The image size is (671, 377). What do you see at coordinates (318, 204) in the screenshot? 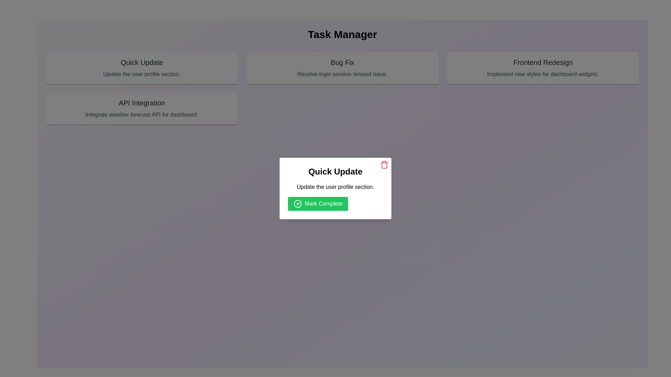
I see `the green 'Mark Complete' button with a white checkmark icon located in the 'Quick Update' modal` at bounding box center [318, 204].